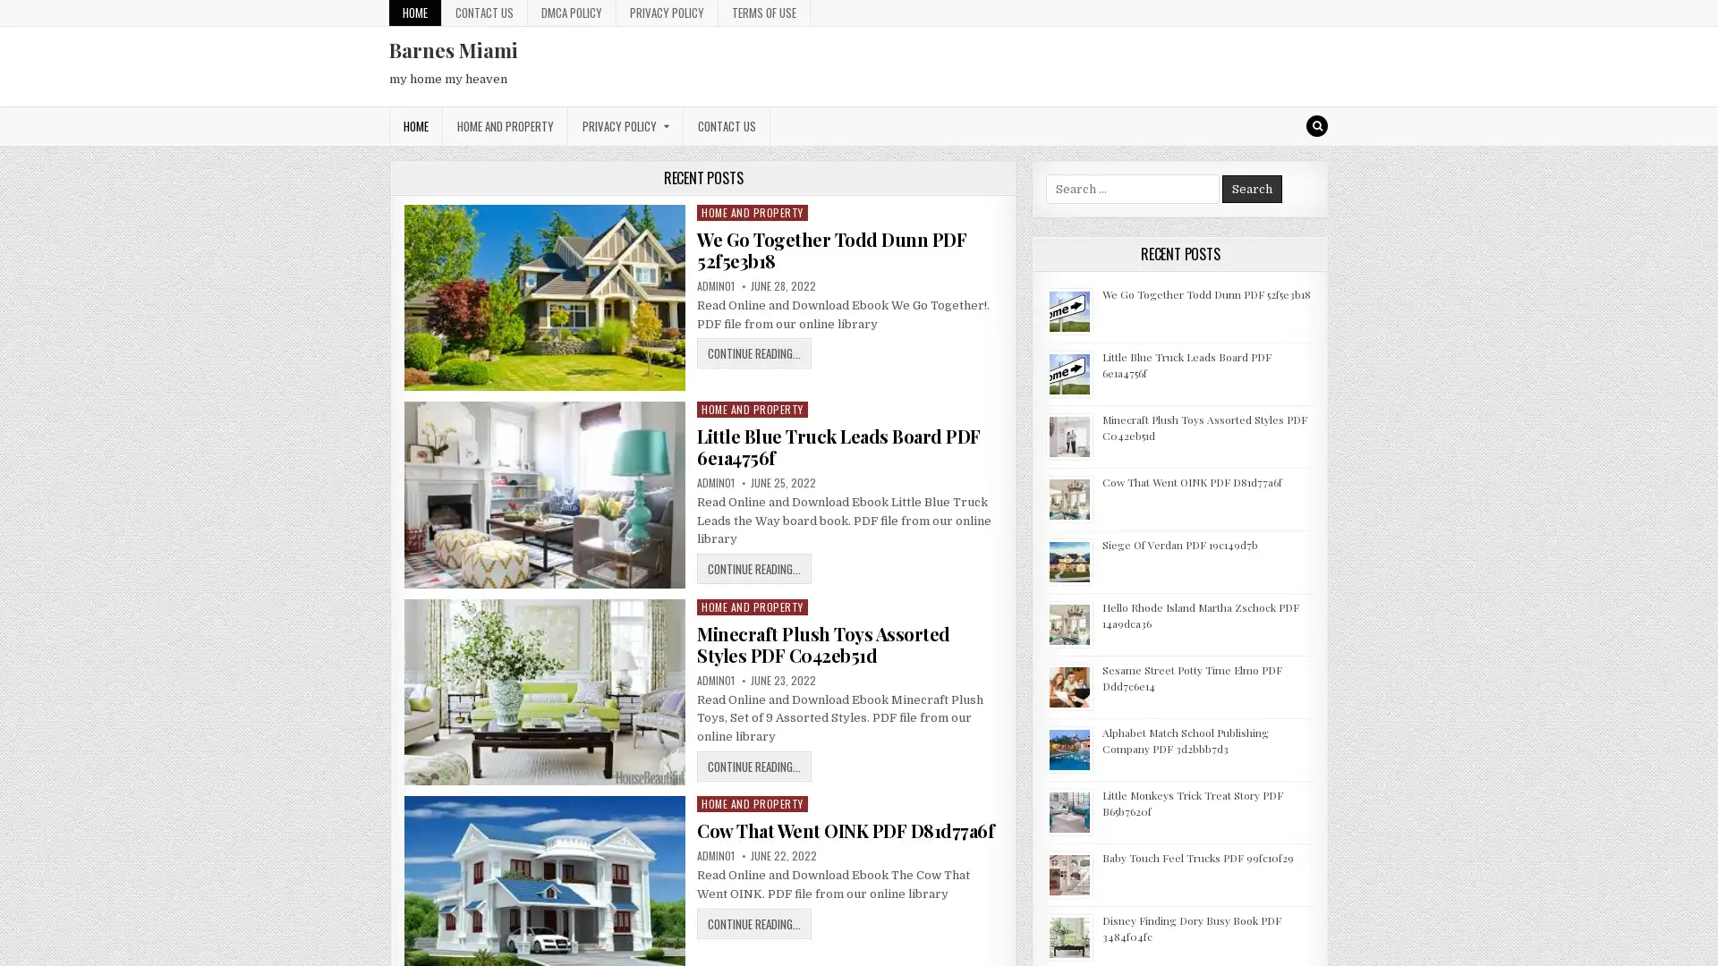 This screenshot has width=1718, height=966. Describe the element at coordinates (1251, 189) in the screenshot. I see `Search` at that location.